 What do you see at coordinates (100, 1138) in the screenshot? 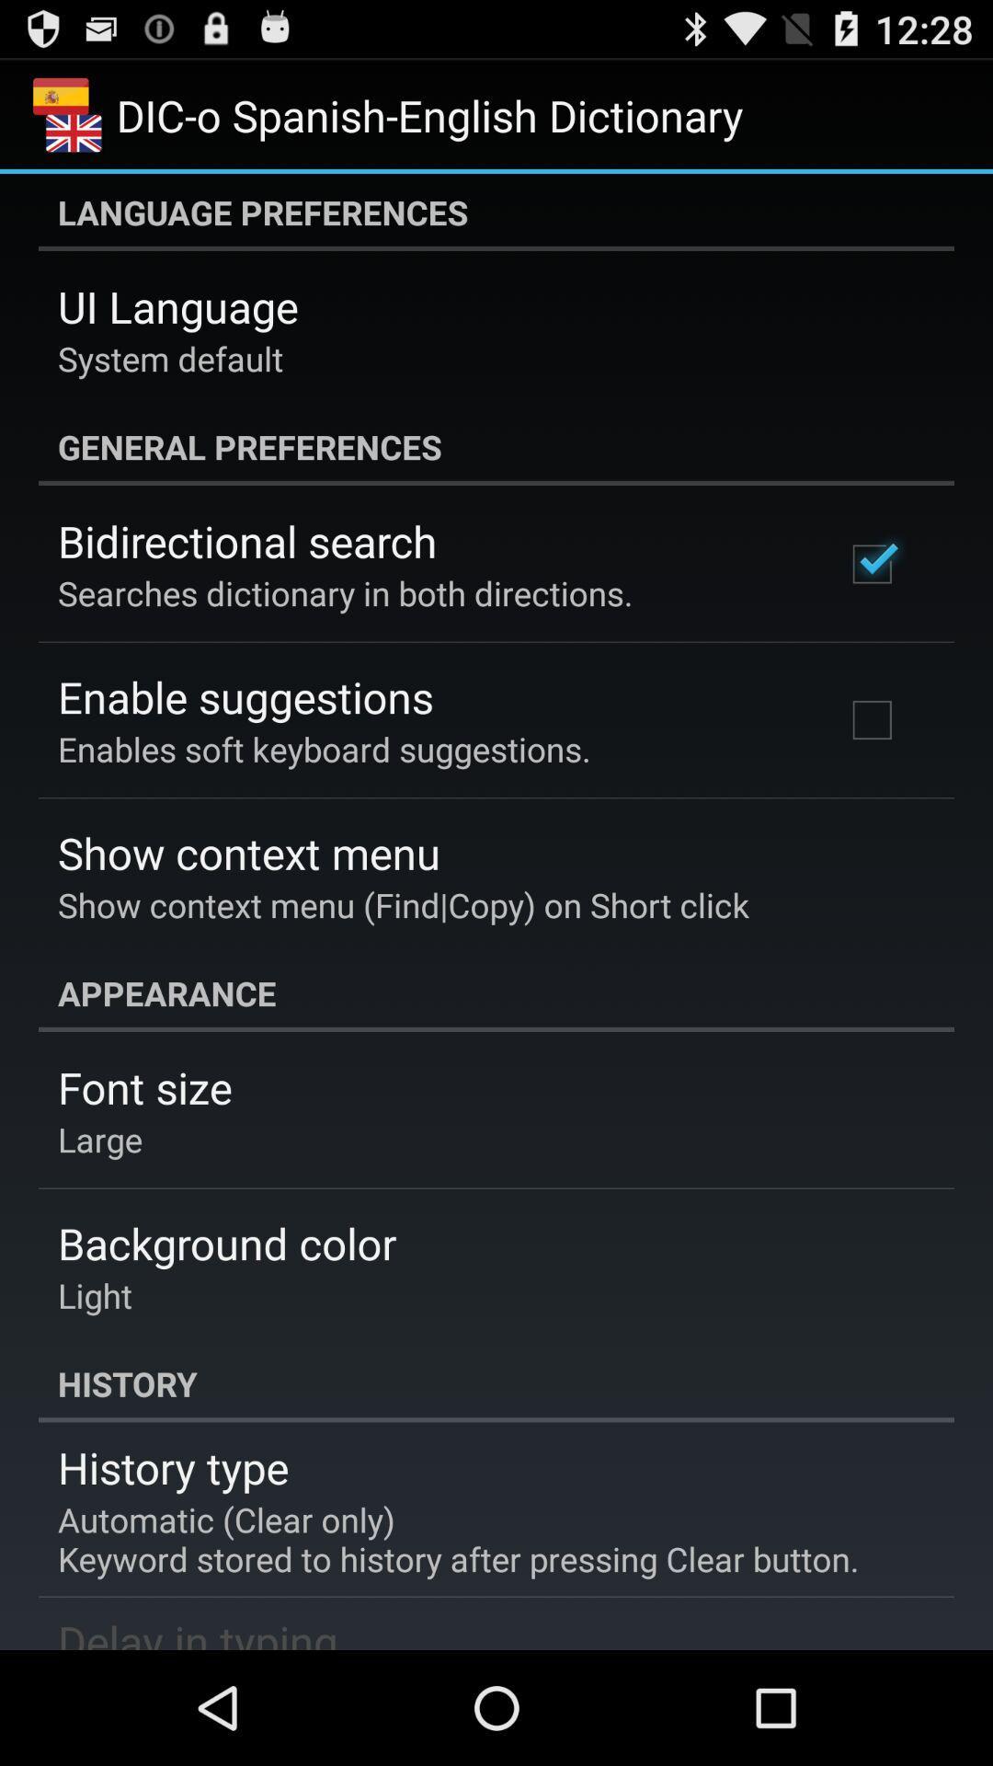
I see `large item` at bounding box center [100, 1138].